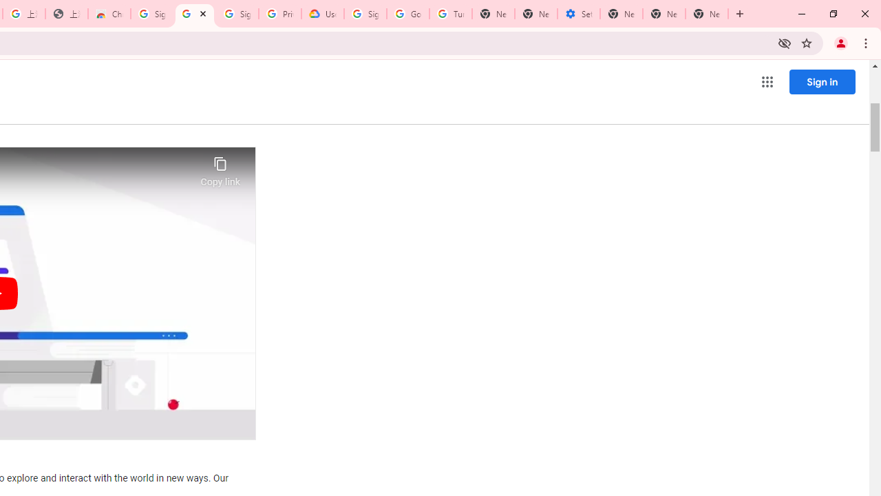 Image resolution: width=881 pixels, height=496 pixels. What do you see at coordinates (707, 14) in the screenshot?
I see `'New Tab'` at bounding box center [707, 14].